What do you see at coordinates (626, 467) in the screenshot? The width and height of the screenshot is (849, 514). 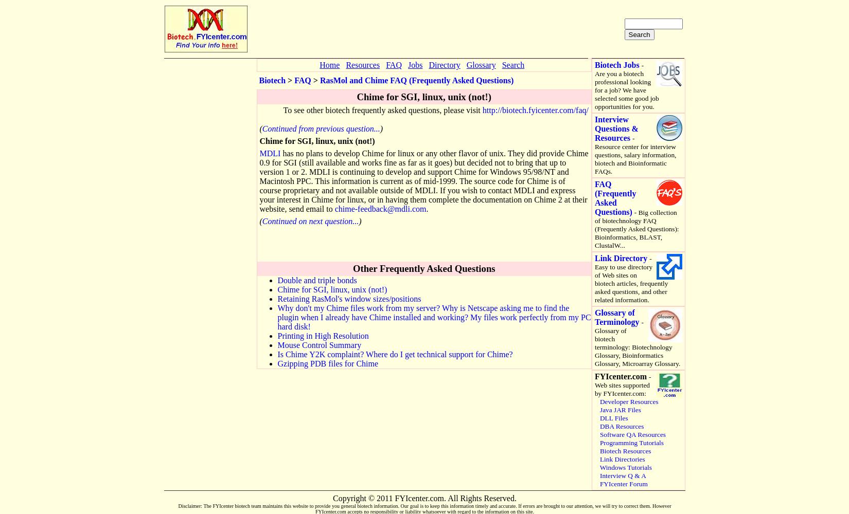 I see `'Windows Tutorials'` at bounding box center [626, 467].